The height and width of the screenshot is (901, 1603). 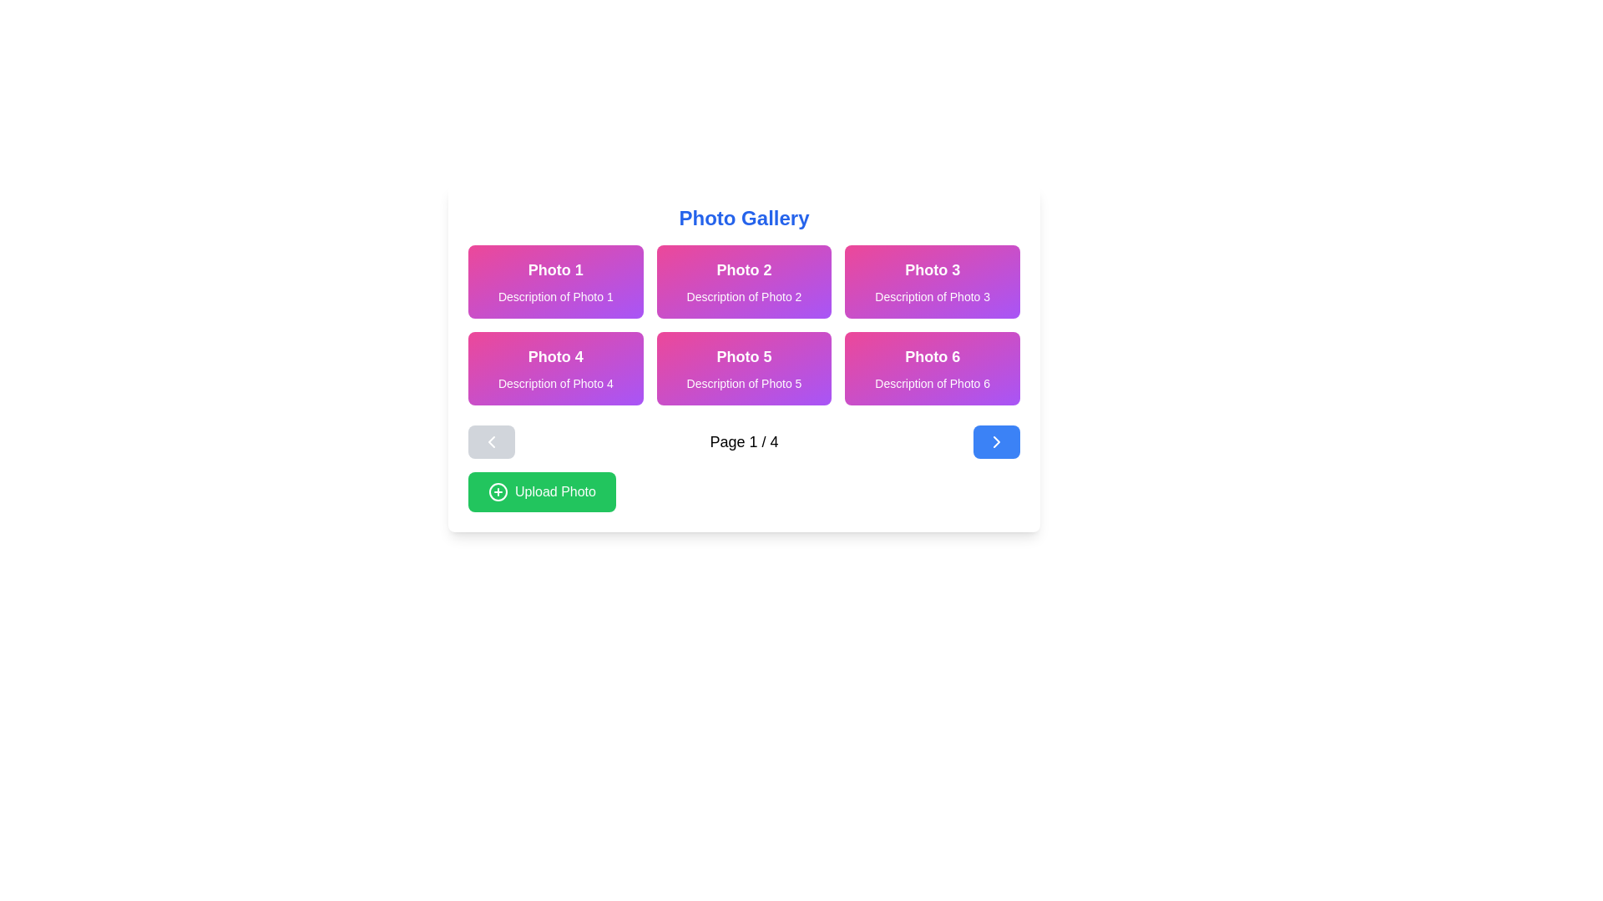 I want to click on text label 'Photo 3' located in the top-right corner of the photo grid, which identifies the third photo in the gallery, so click(x=932, y=269).